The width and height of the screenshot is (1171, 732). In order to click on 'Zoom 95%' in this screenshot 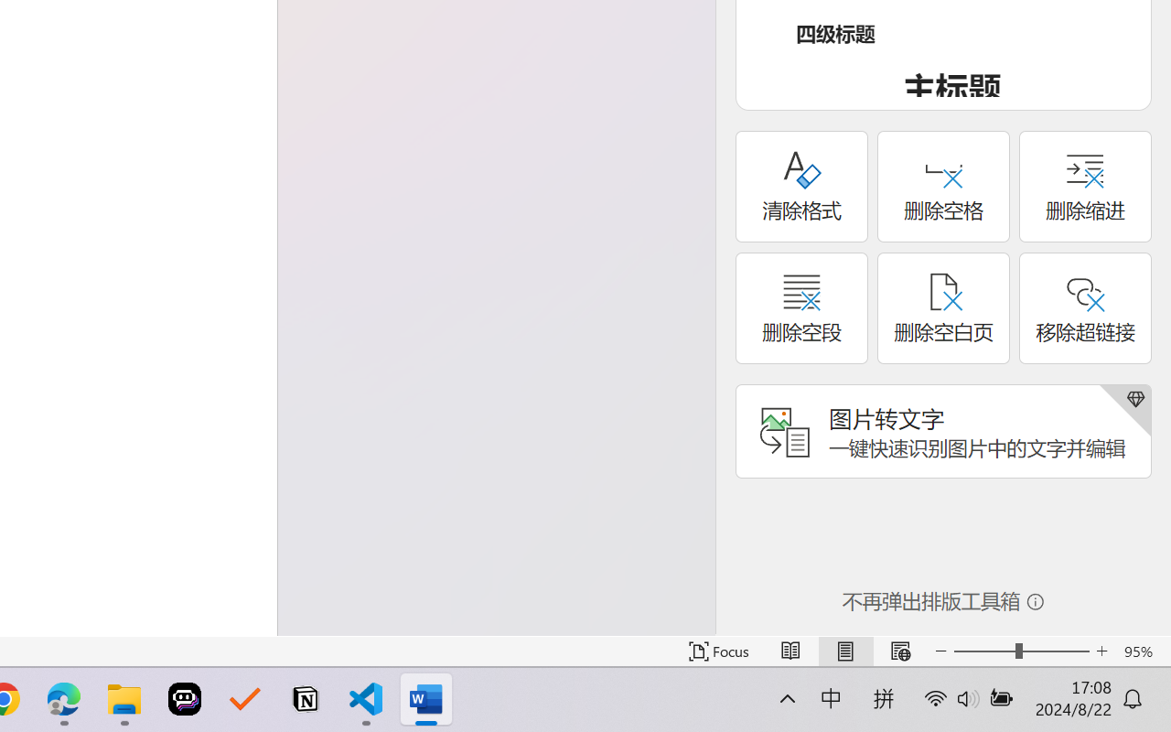, I will do `click(1142, 651)`.